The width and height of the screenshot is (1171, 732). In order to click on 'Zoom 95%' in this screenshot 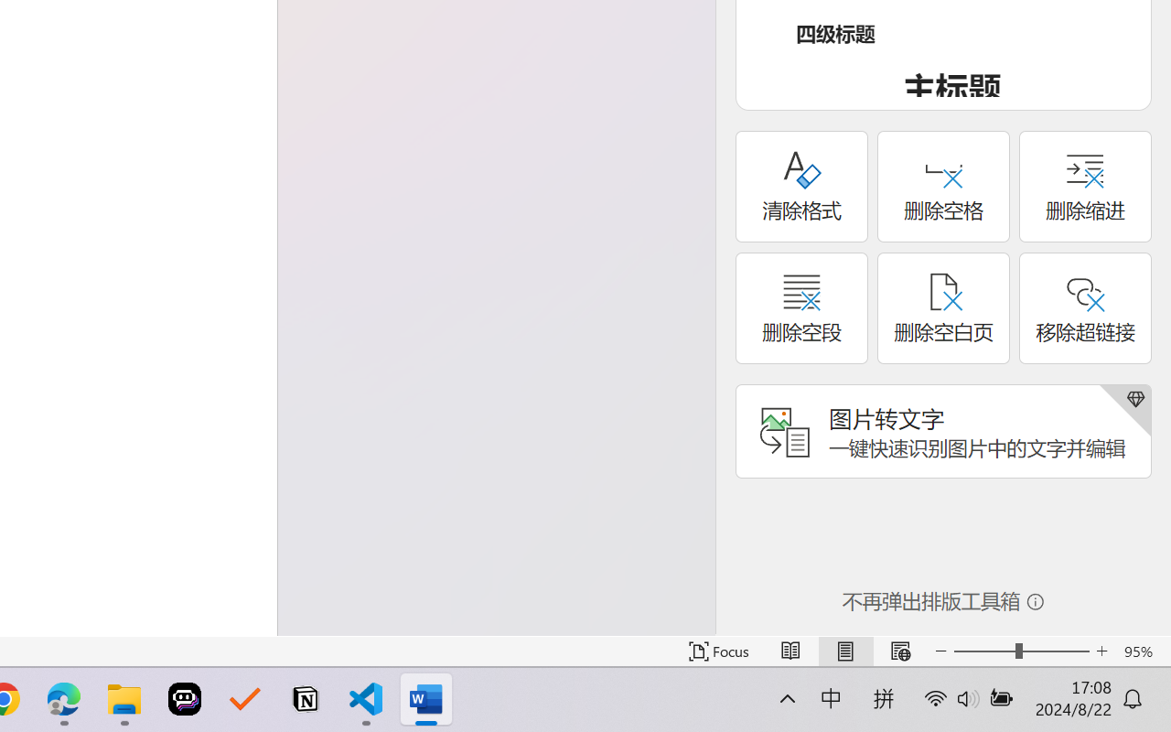, I will do `click(1142, 651)`.